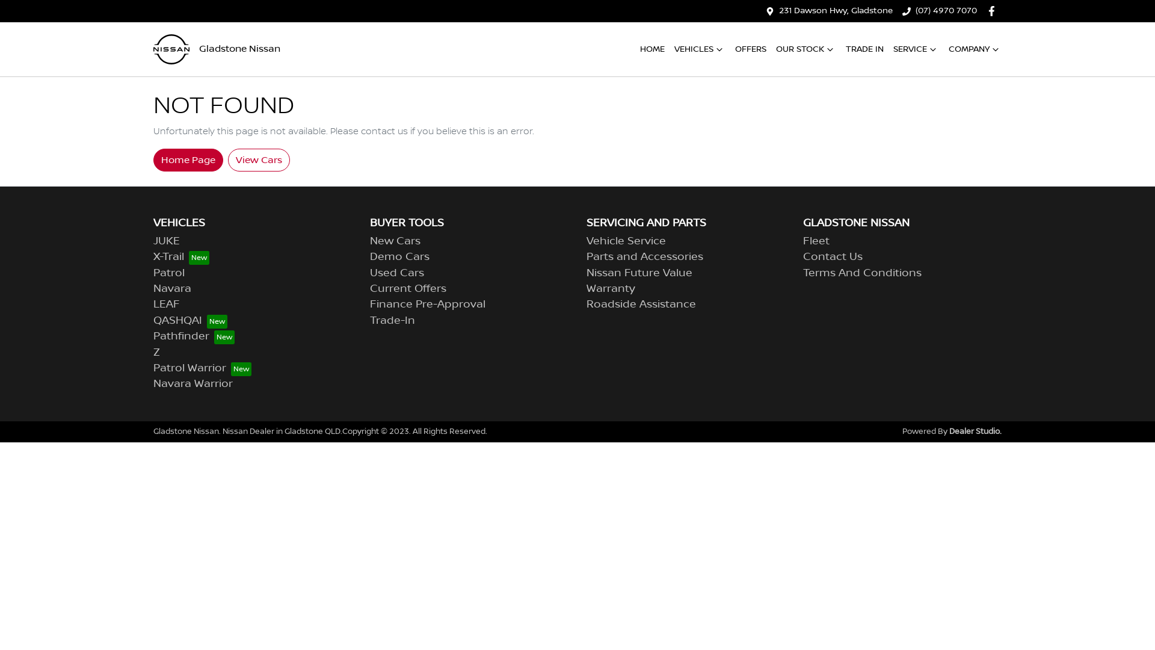  Describe the element at coordinates (861, 273) in the screenshot. I see `'Terms And Conditions'` at that location.